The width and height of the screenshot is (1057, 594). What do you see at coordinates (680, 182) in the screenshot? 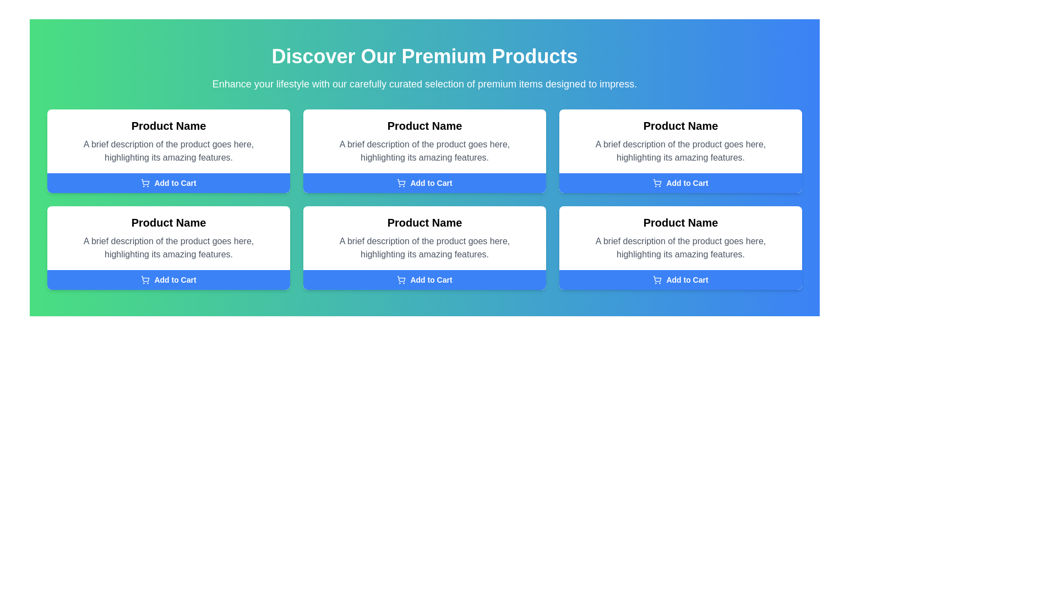
I see `the button located at the bottom of the product card that adds the associated product to the shopping cart, which is identified by the heading 'Product Name'` at bounding box center [680, 182].